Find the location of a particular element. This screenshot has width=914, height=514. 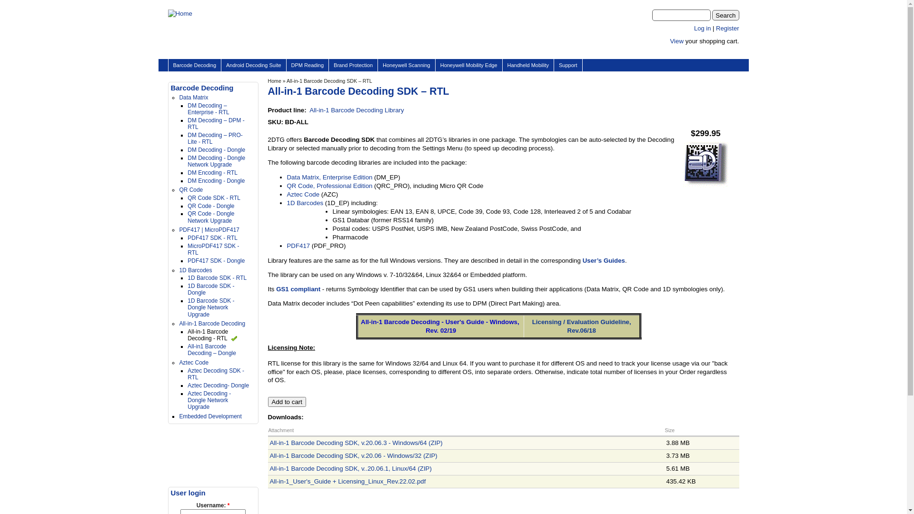

'QR Code' is located at coordinates (190, 189).